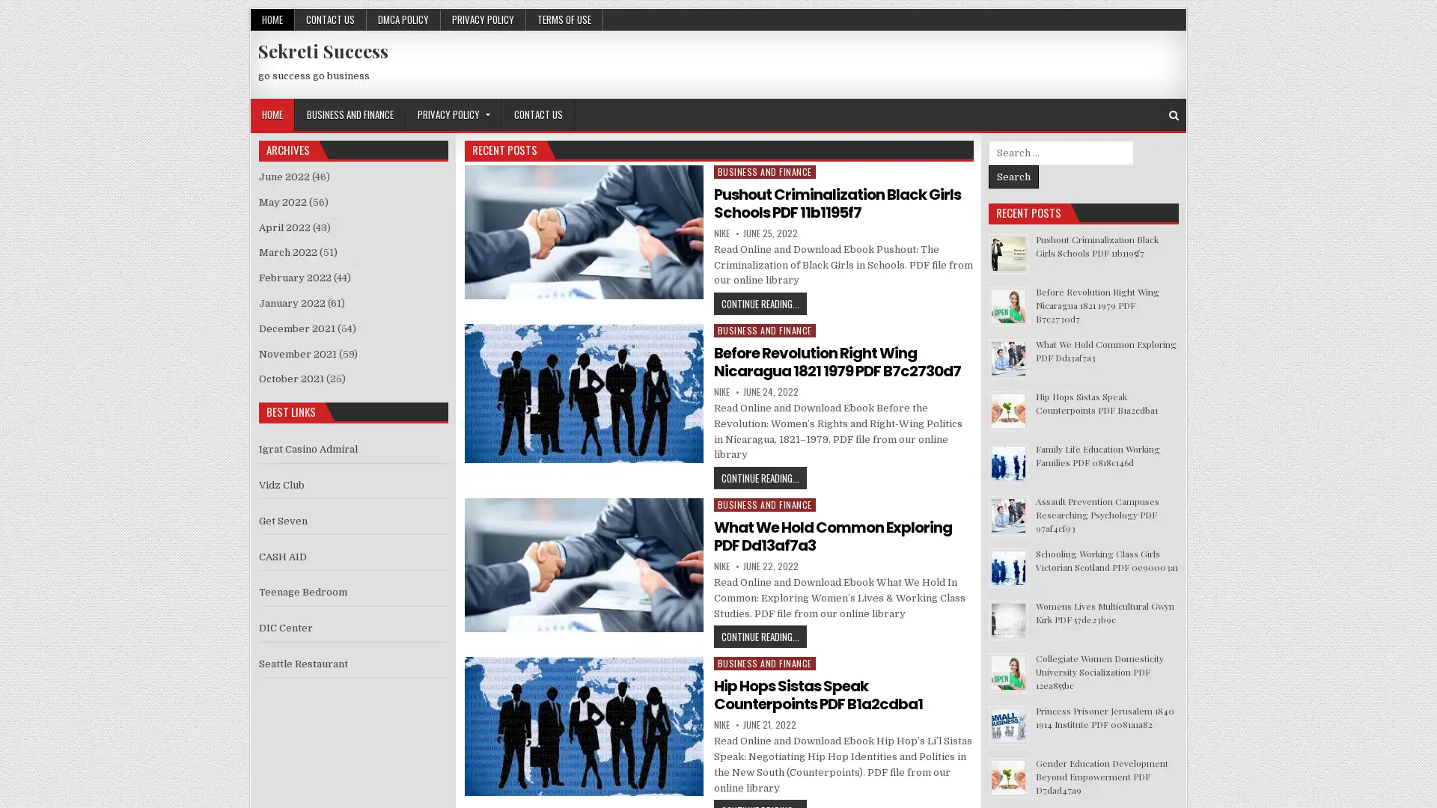 This screenshot has height=808, width=1437. Describe the element at coordinates (1013, 176) in the screenshot. I see `Search` at that location.